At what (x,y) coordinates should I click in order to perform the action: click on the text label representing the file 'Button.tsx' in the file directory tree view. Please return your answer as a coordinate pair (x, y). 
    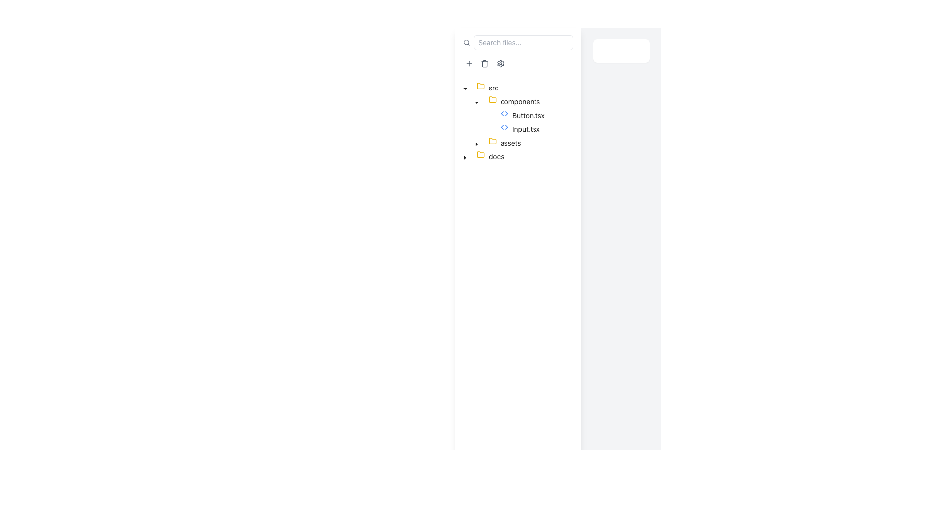
    Looking at the image, I should click on (528, 115).